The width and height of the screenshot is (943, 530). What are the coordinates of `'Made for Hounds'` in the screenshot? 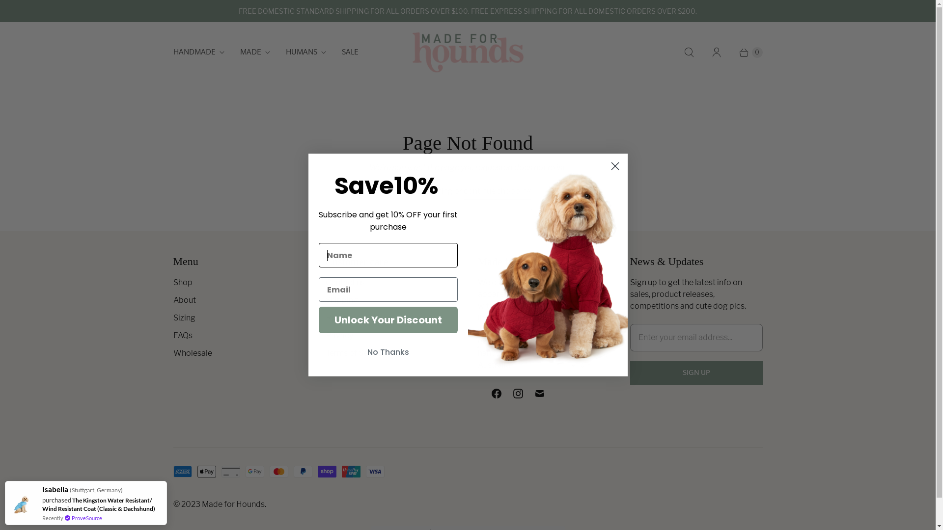 It's located at (232, 504).